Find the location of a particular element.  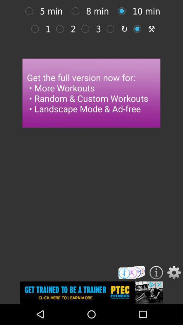

option is located at coordinates (123, 11).